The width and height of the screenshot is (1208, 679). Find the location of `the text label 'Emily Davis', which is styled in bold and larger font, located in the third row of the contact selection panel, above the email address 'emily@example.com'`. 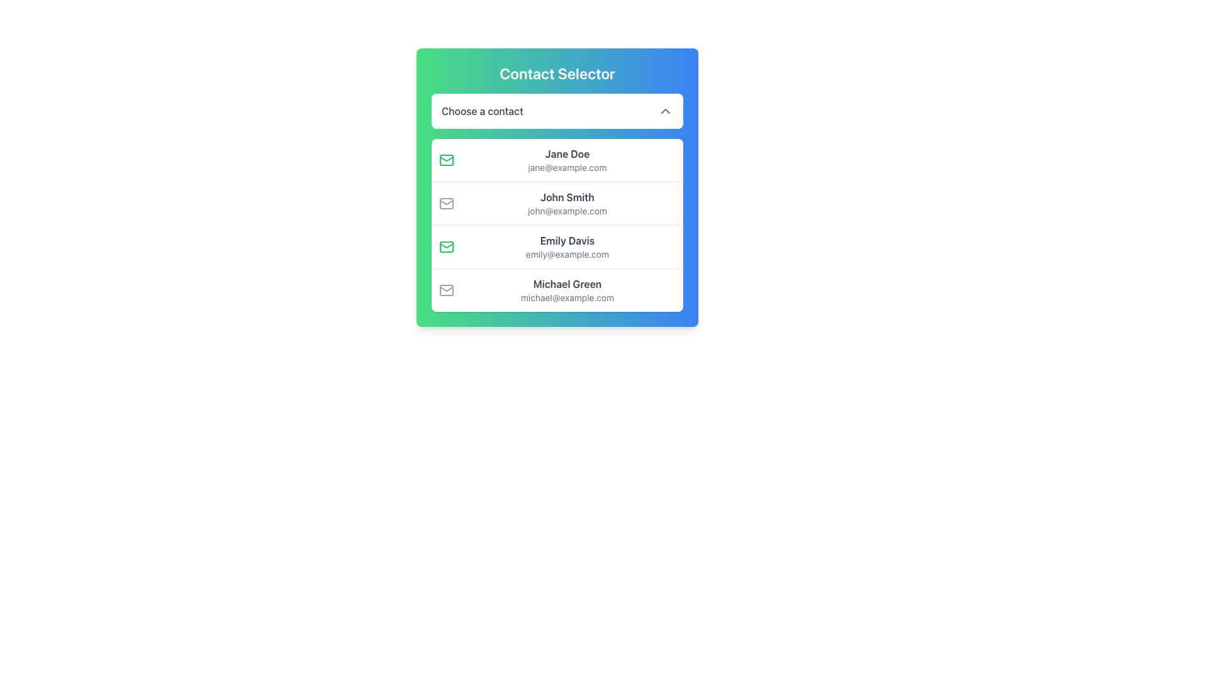

the text label 'Emily Davis', which is styled in bold and larger font, located in the third row of the contact selection panel, above the email address 'emily@example.com' is located at coordinates (567, 240).